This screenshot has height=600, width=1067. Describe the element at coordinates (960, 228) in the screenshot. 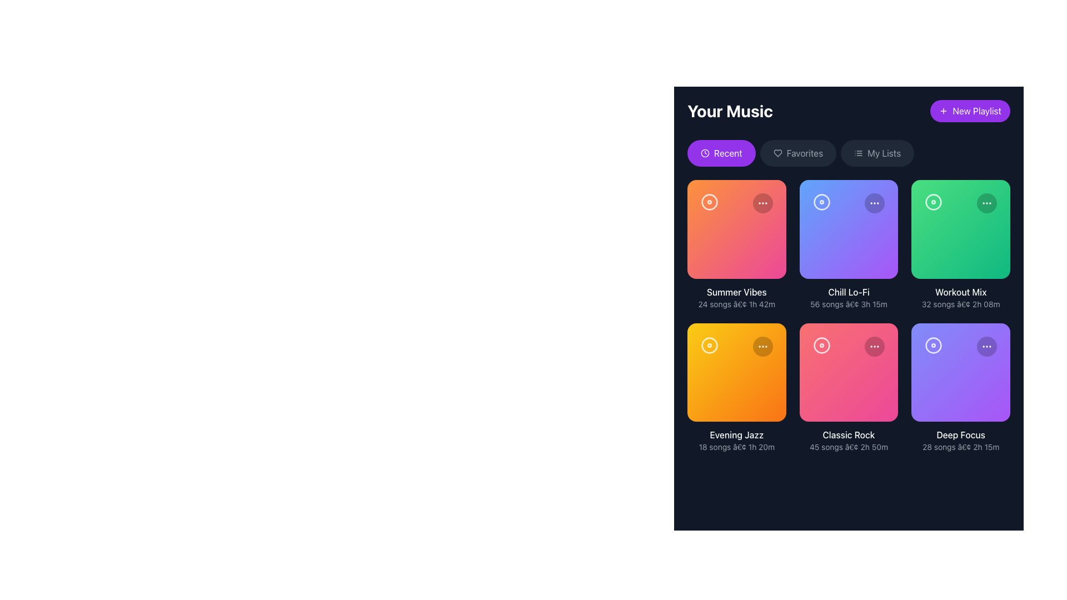

I see `the 'Workout Mix' playlist card, which is the third item` at that location.